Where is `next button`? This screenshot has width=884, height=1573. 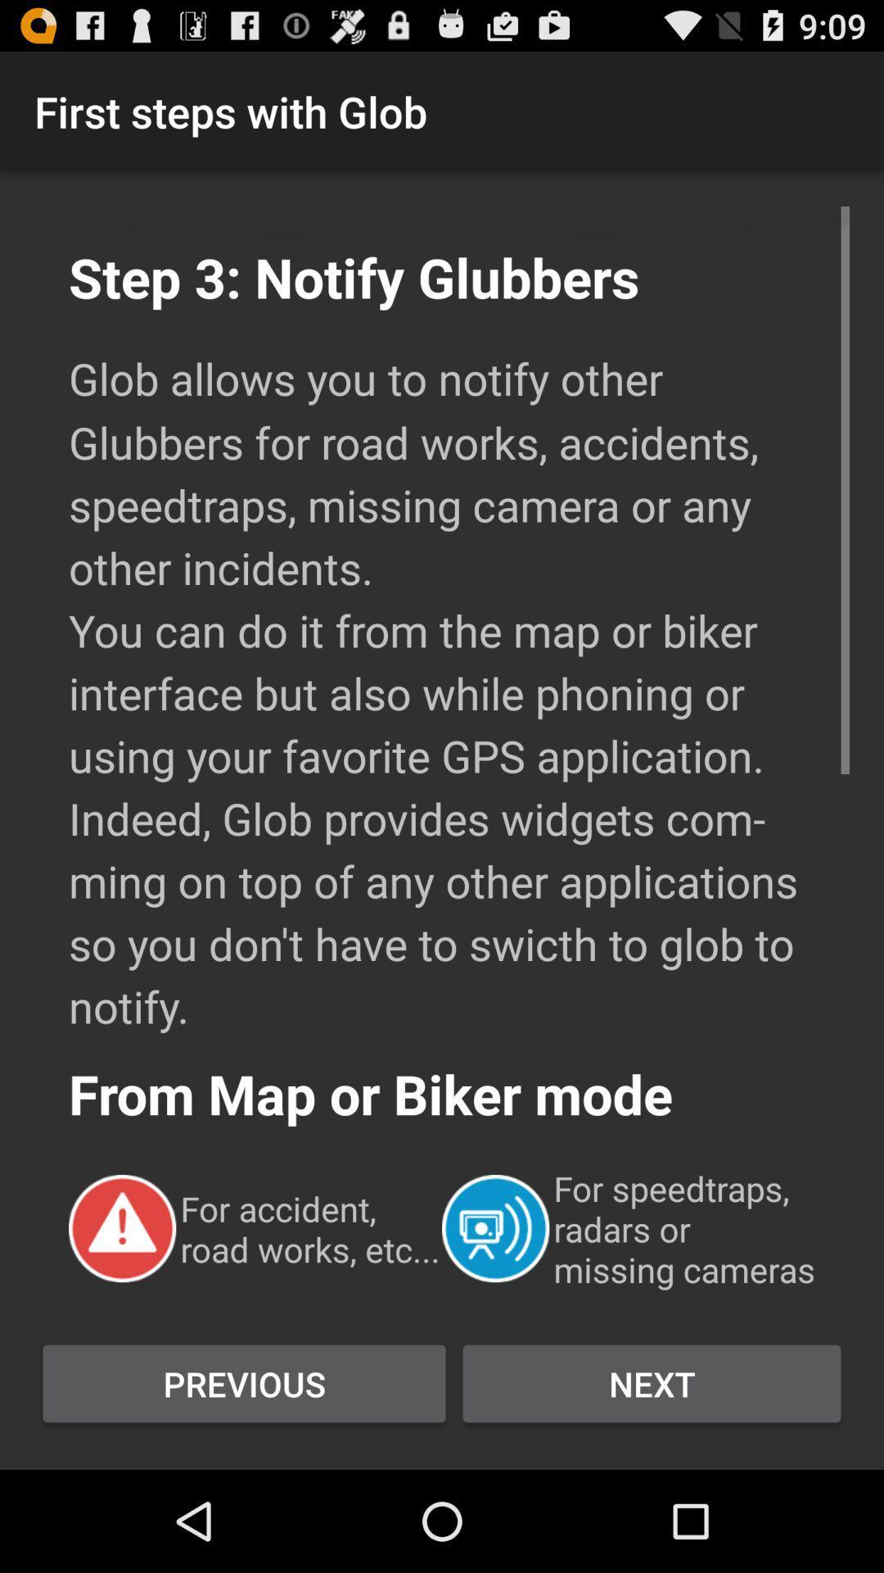 next button is located at coordinates (651, 1383).